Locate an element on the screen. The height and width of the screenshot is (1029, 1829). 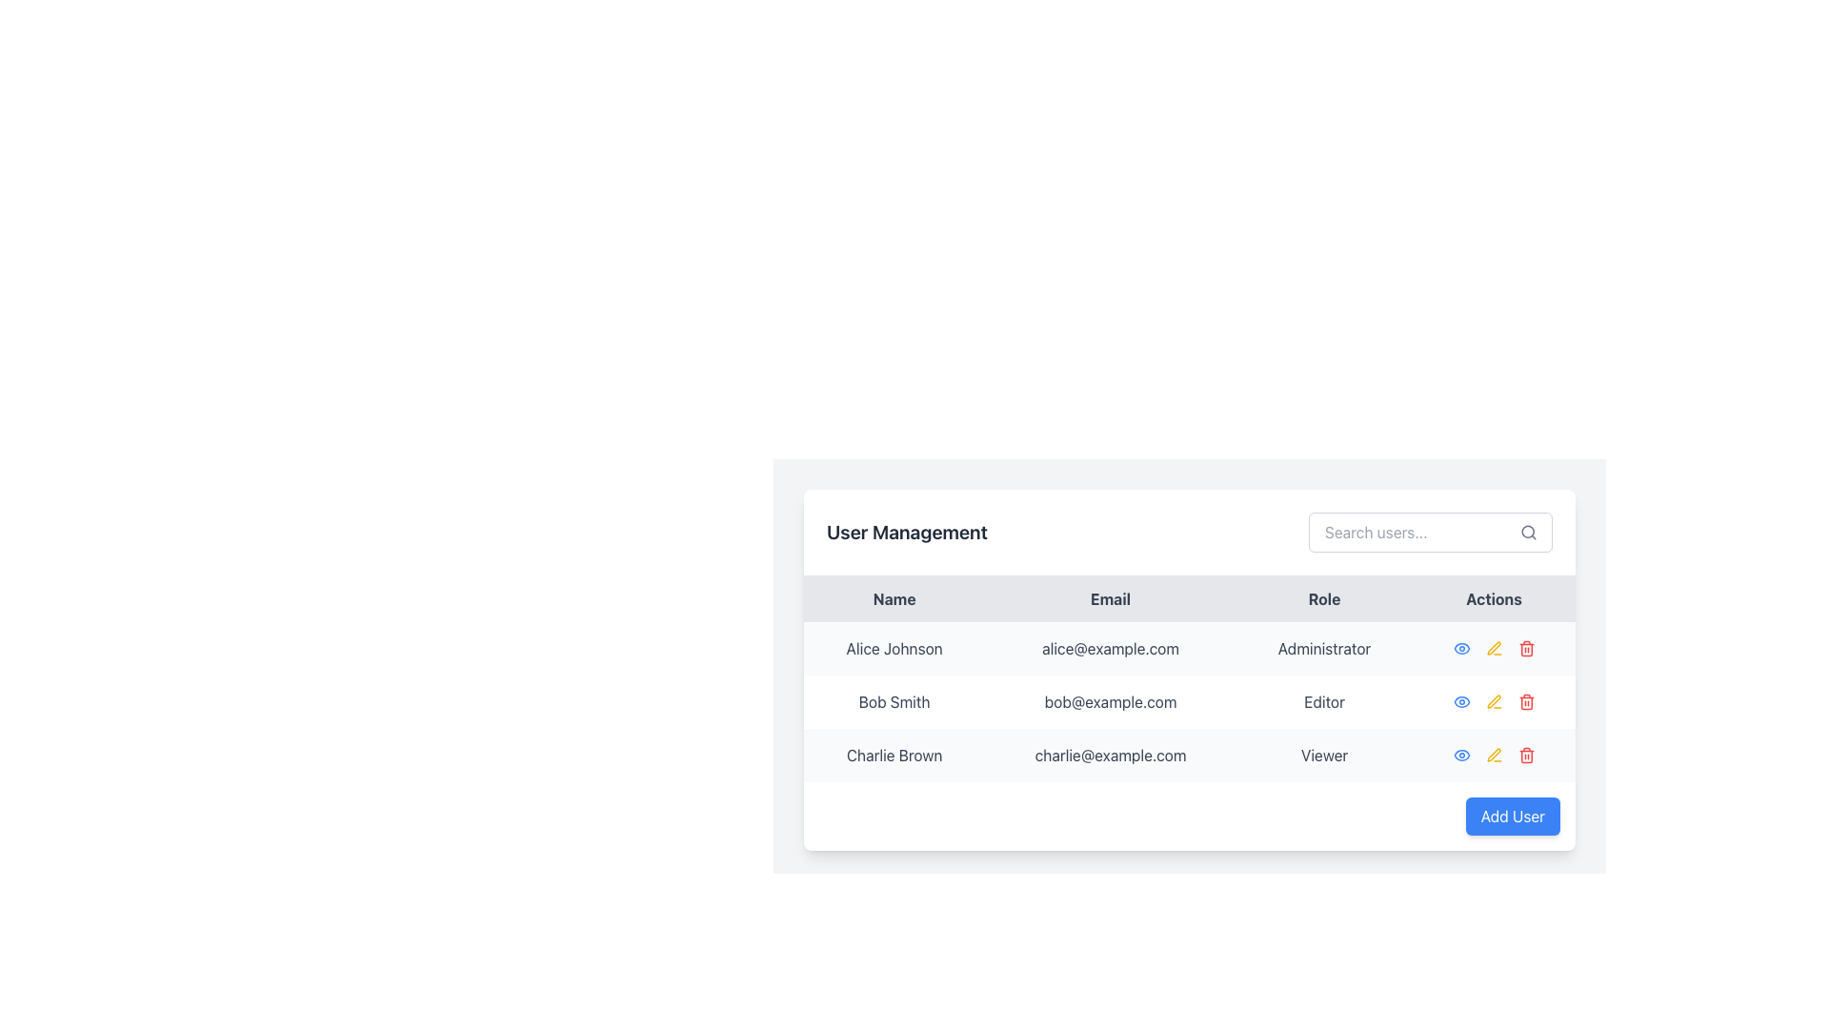
the second row in the User Management table that contains the data for 'Bob Smith', which includes cells for 'Name', 'Email', 'Role', and 'Actions' is located at coordinates (1188, 701).